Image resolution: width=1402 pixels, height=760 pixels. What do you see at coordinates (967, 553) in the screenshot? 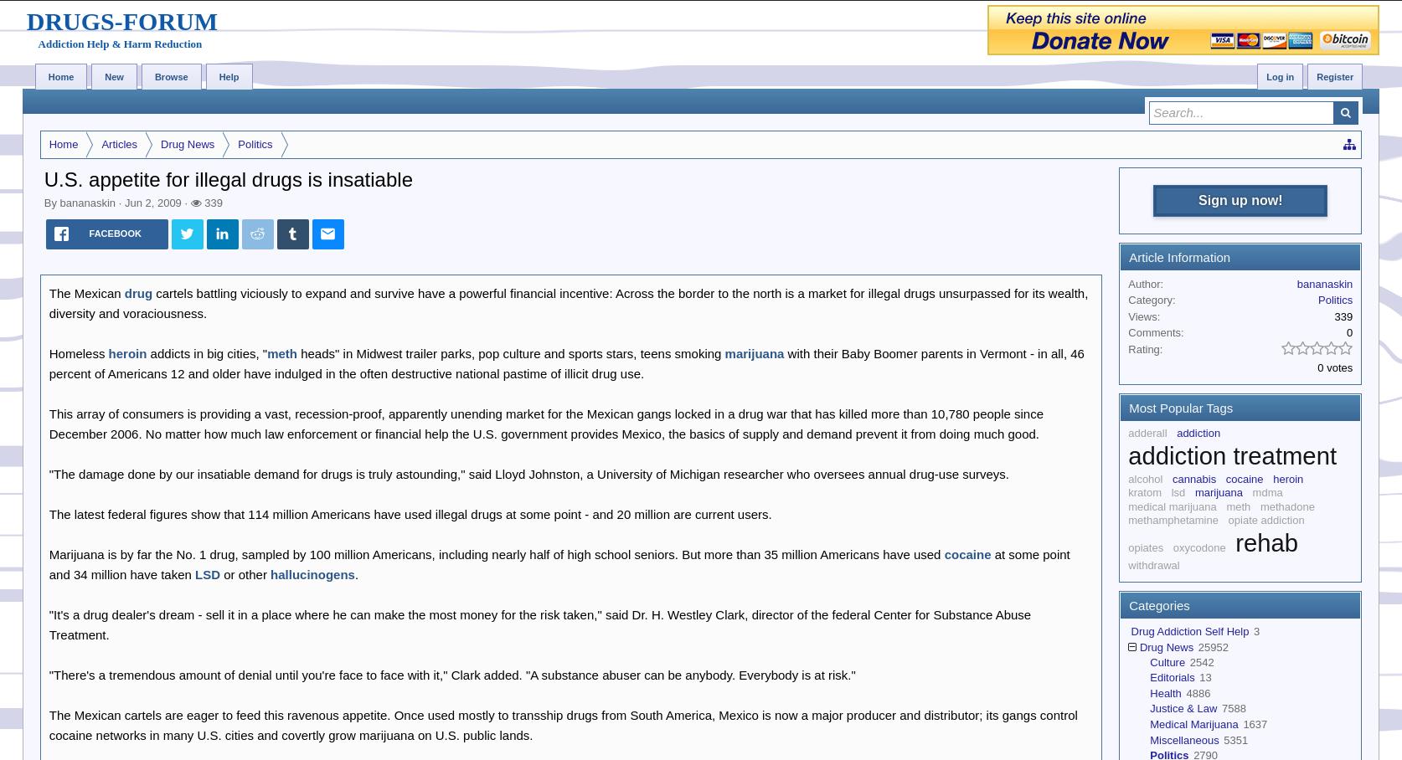
I see `'cocaine'` at bounding box center [967, 553].